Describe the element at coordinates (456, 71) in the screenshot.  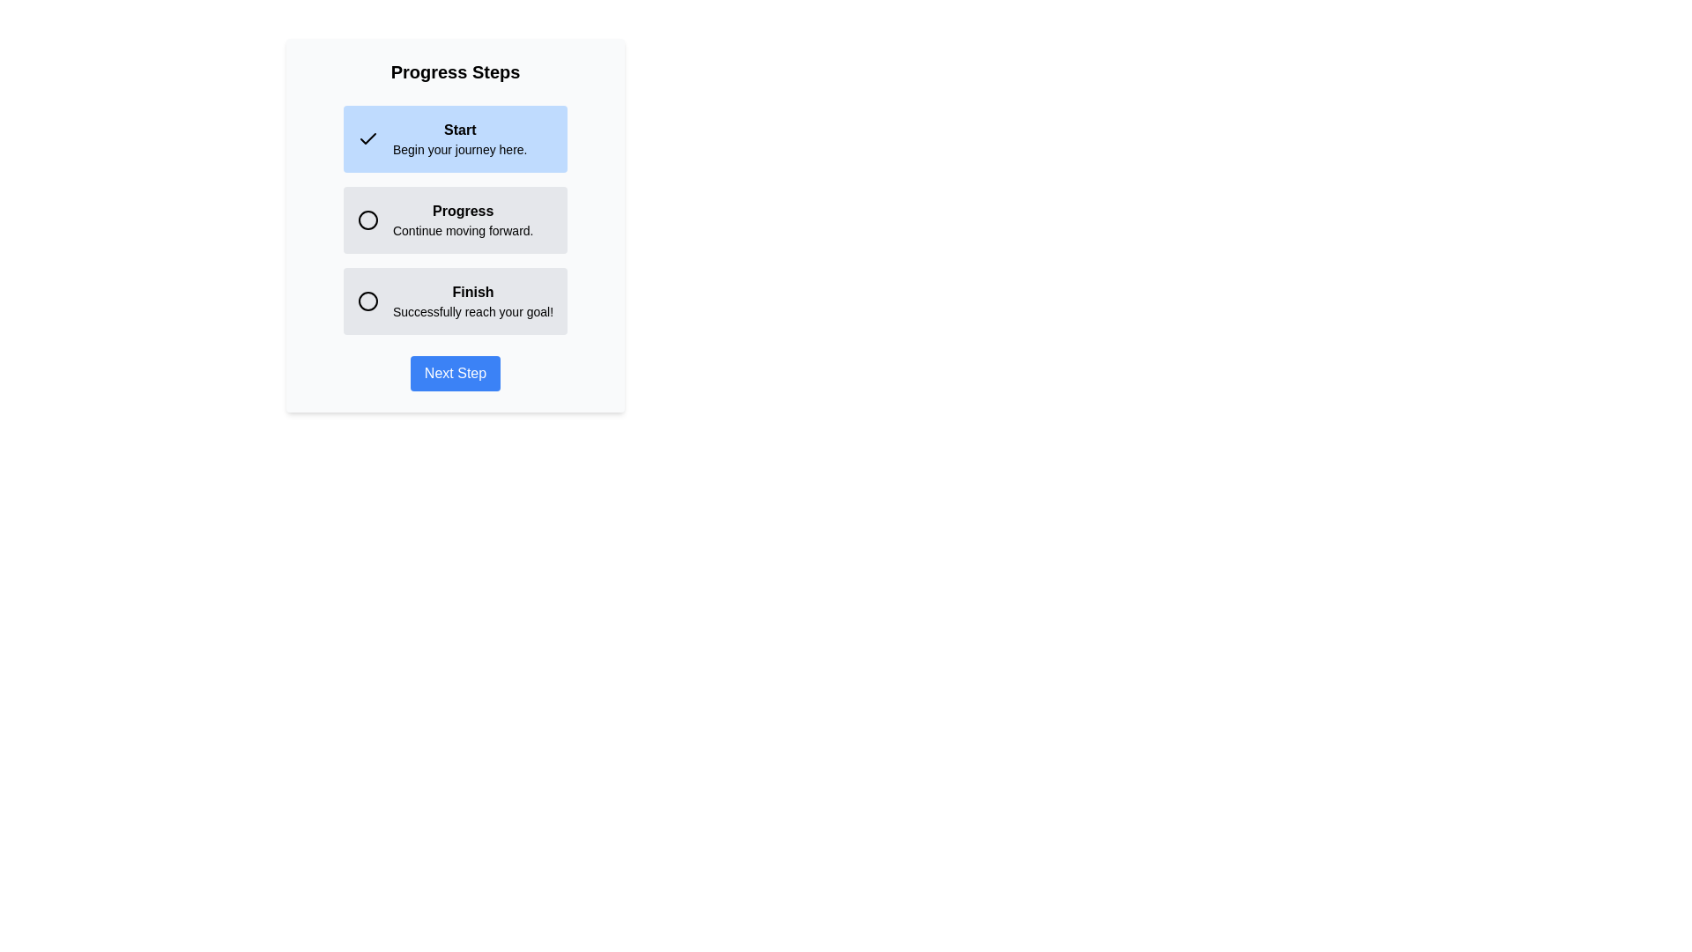
I see `text label that displays the title 'Progress Steps', which serves as a descriptive heading for the progress tracking section` at that location.